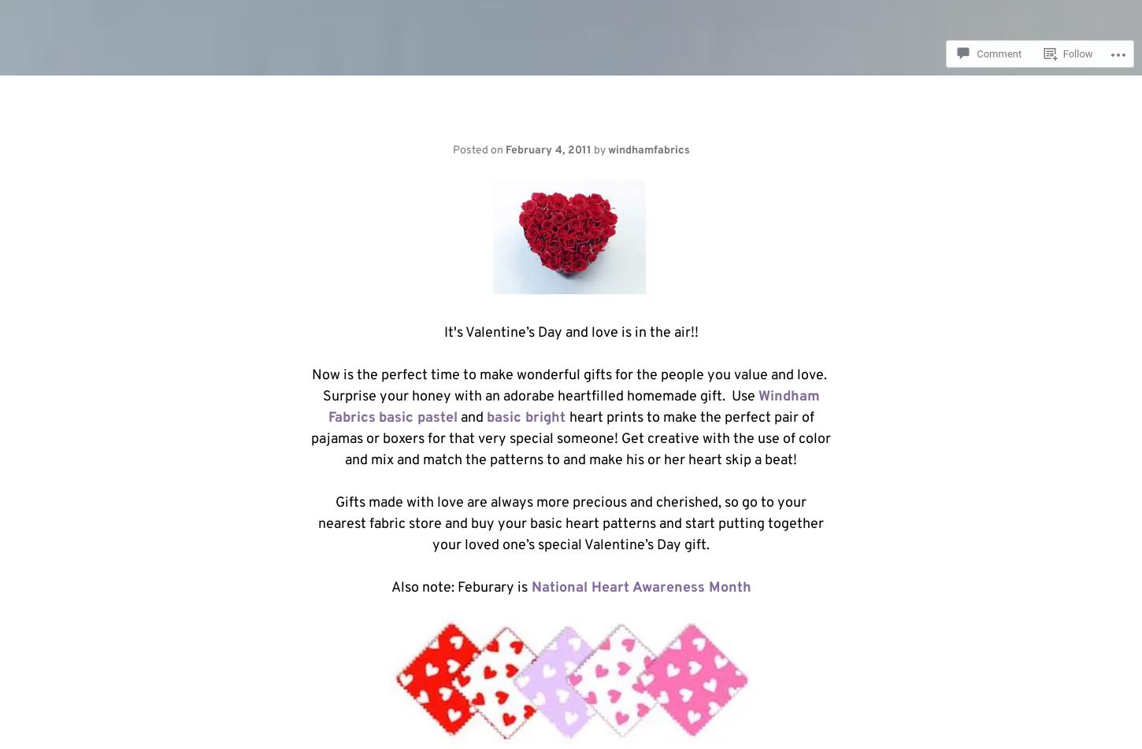 The height and width of the screenshot is (749, 1142). Describe the element at coordinates (638, 587) in the screenshot. I see `'National Heart Awareness Month'` at that location.